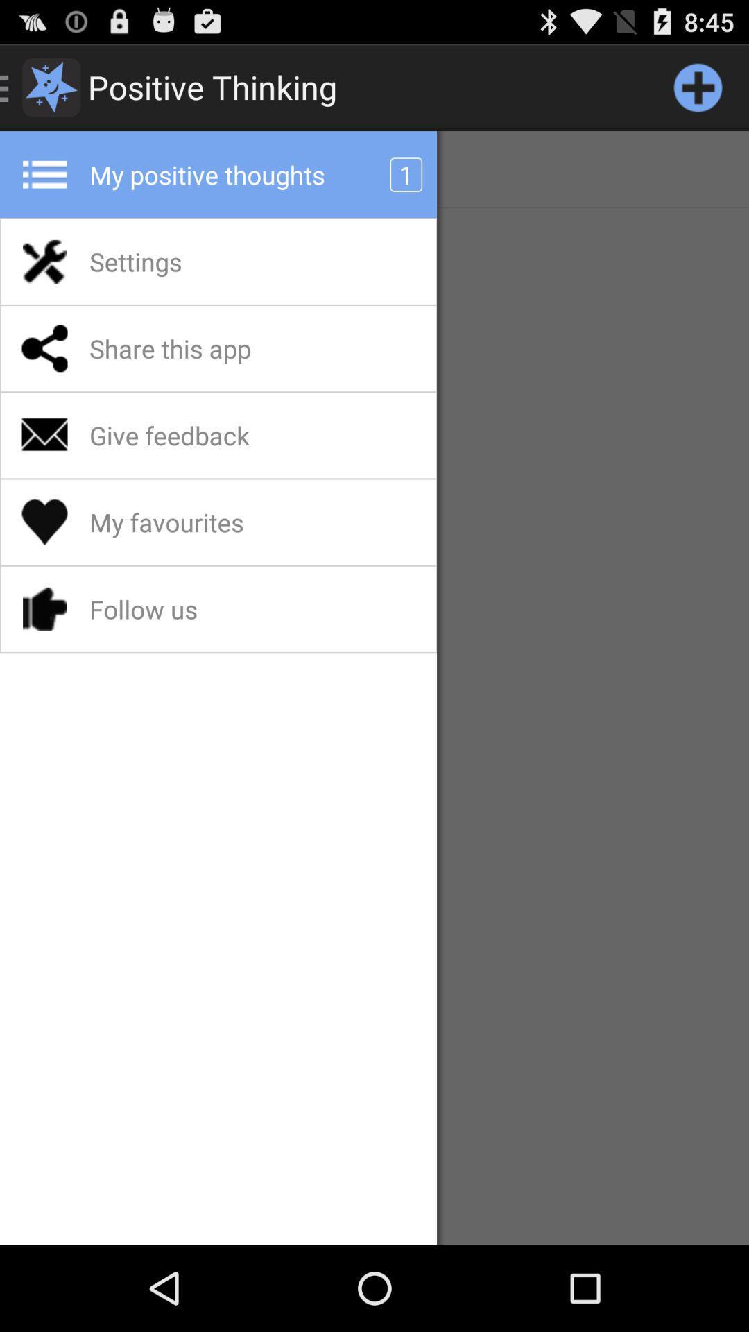 The width and height of the screenshot is (749, 1332). I want to click on item above give feedback item, so click(207, 348).